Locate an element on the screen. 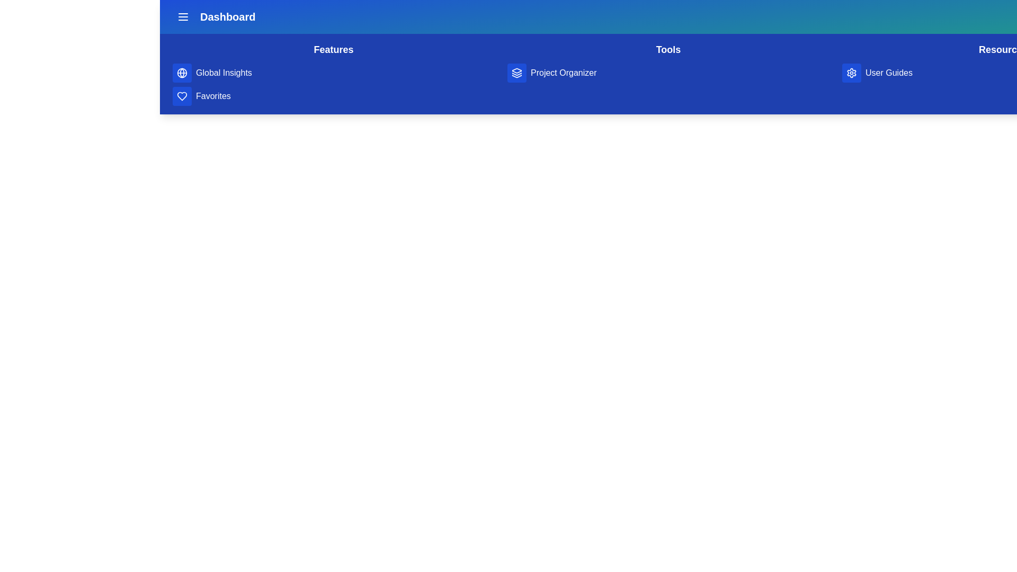 Image resolution: width=1017 pixels, height=572 pixels. the 'Global Insights' text label, which is styled with white text on a blue background and located in the navigation bar is located at coordinates (223, 73).